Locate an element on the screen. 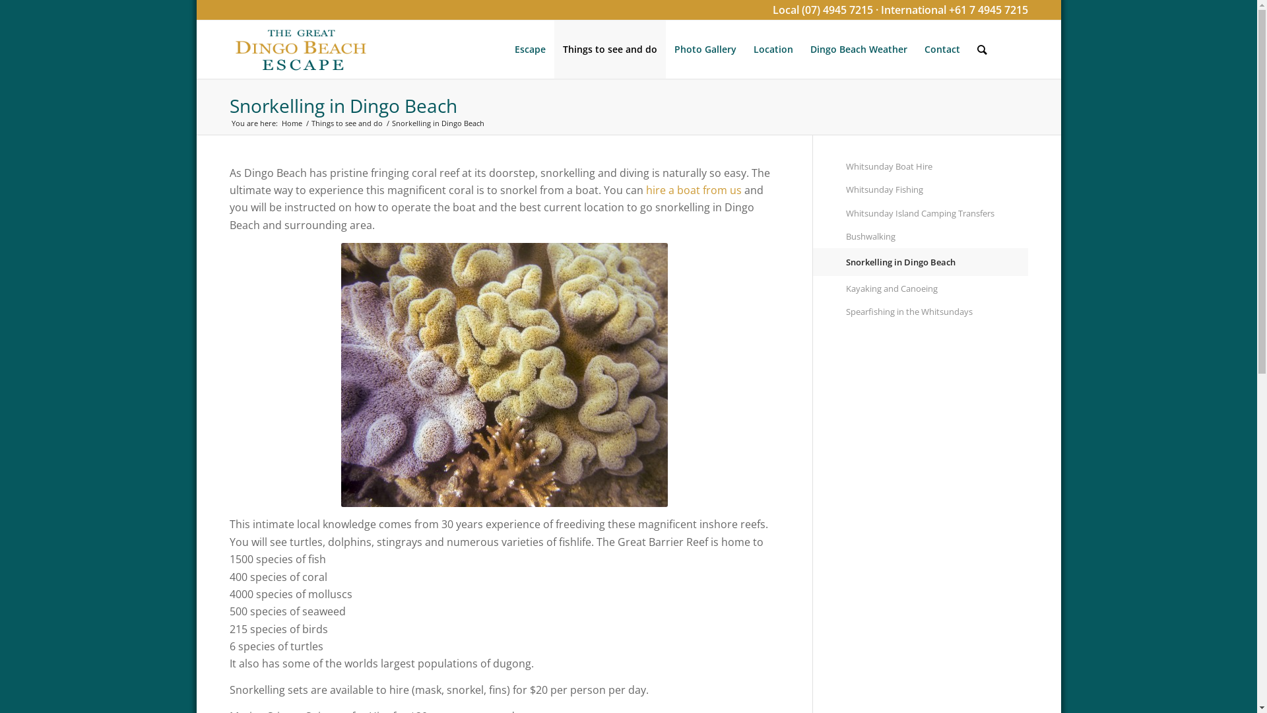  'Whitsunday Boat Hire' is located at coordinates (936, 166).